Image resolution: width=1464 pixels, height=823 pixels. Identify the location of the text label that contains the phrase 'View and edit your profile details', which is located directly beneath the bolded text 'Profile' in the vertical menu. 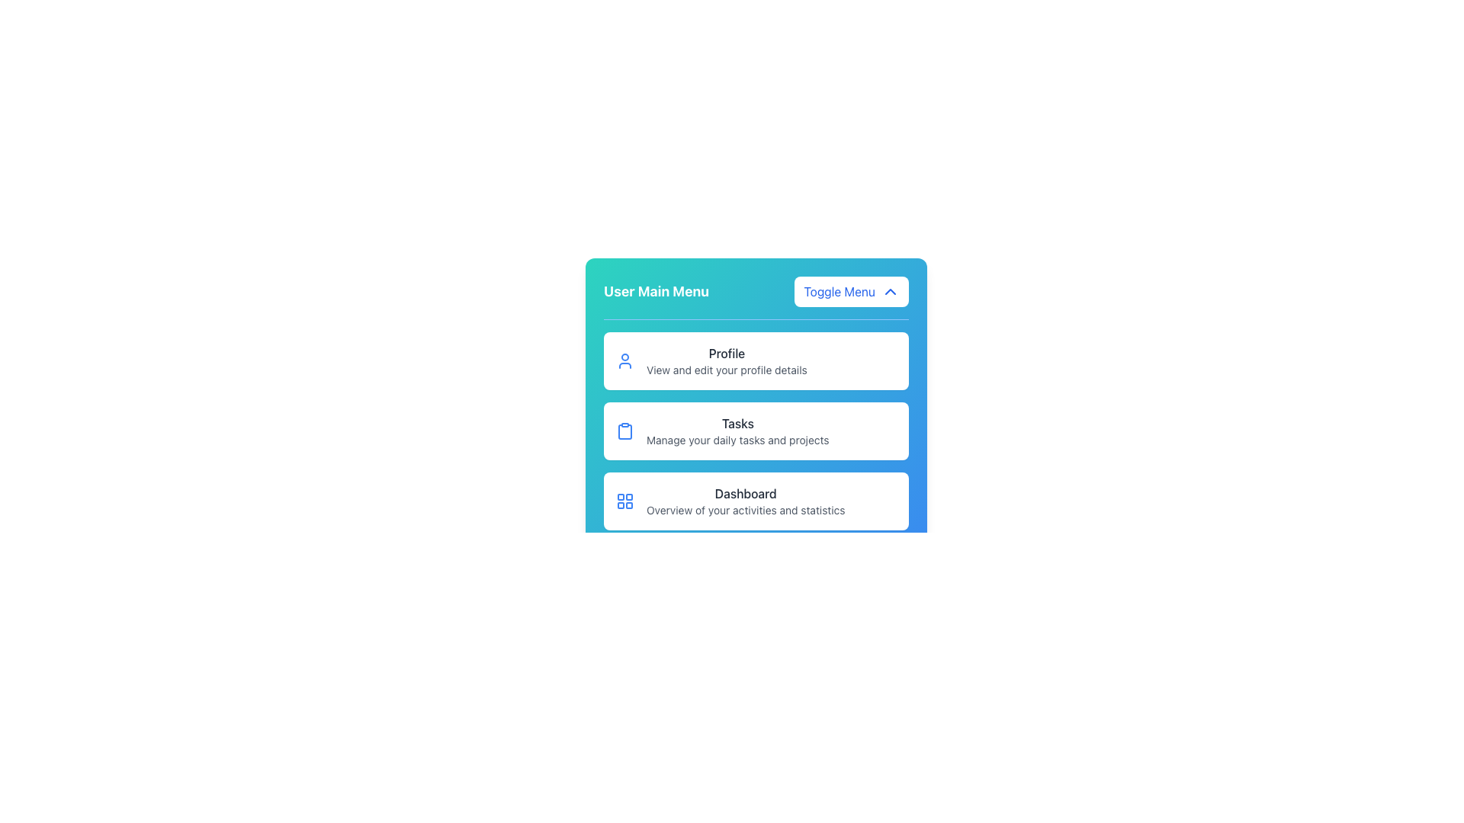
(726, 370).